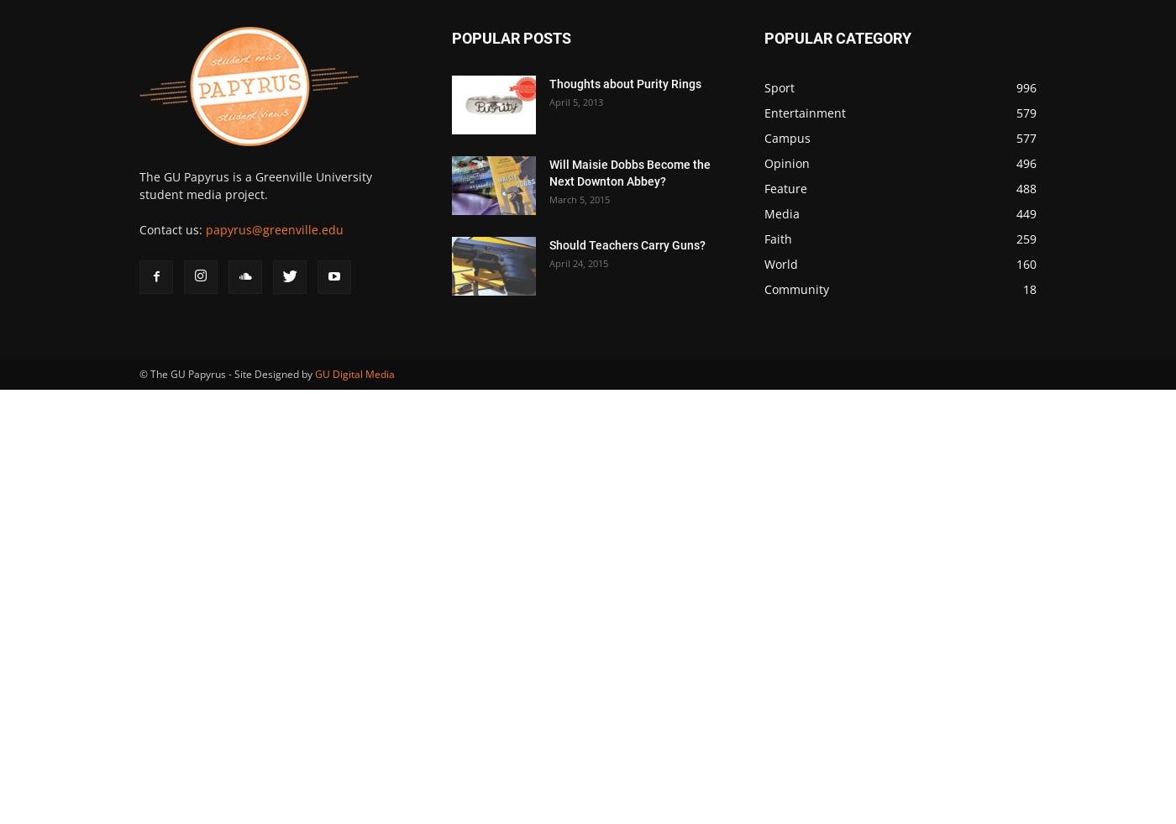  I want to click on '488', so click(1026, 187).